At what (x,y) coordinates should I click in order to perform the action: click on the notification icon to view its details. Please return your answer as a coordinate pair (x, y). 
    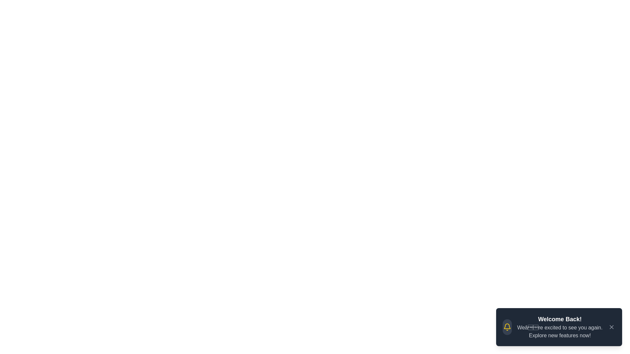
    Looking at the image, I should click on (507, 327).